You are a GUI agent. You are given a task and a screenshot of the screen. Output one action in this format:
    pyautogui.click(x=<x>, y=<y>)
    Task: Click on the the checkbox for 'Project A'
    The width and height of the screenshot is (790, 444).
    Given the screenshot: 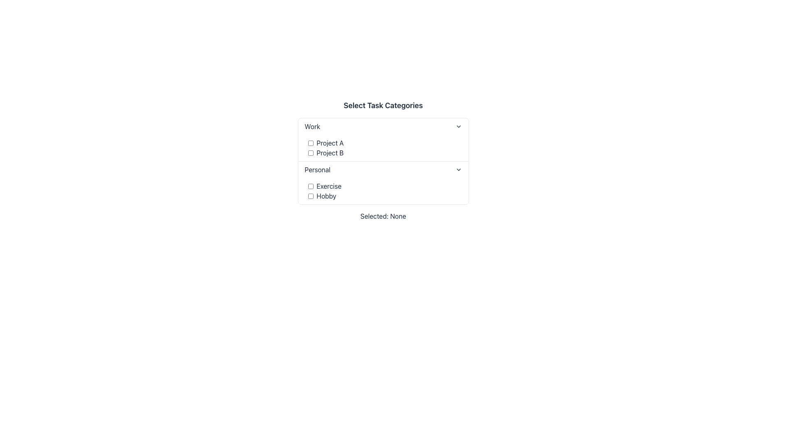 What is the action you would take?
    pyautogui.click(x=310, y=142)
    